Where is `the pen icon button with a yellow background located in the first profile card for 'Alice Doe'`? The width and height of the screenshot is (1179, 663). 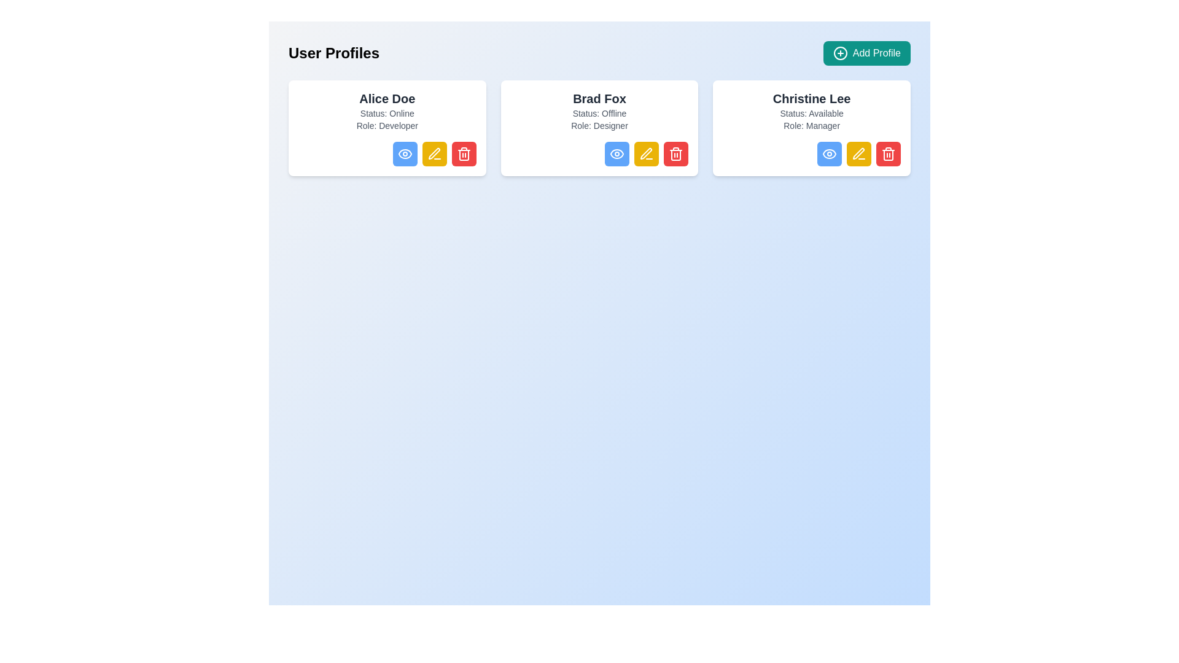 the pen icon button with a yellow background located in the first profile card for 'Alice Doe' is located at coordinates (434, 153).